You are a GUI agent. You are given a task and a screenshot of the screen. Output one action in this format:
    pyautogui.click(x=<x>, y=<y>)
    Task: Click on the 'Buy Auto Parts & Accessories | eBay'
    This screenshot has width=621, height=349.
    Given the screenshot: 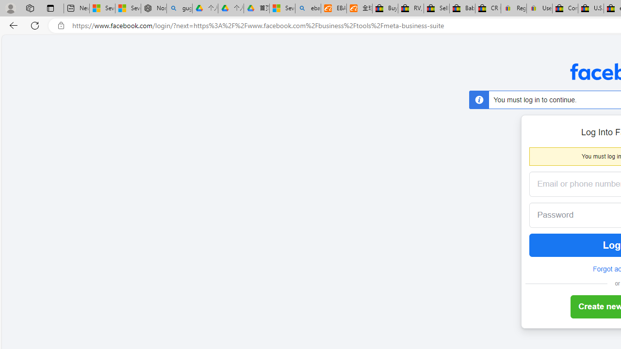 What is the action you would take?
    pyautogui.click(x=385, y=8)
    